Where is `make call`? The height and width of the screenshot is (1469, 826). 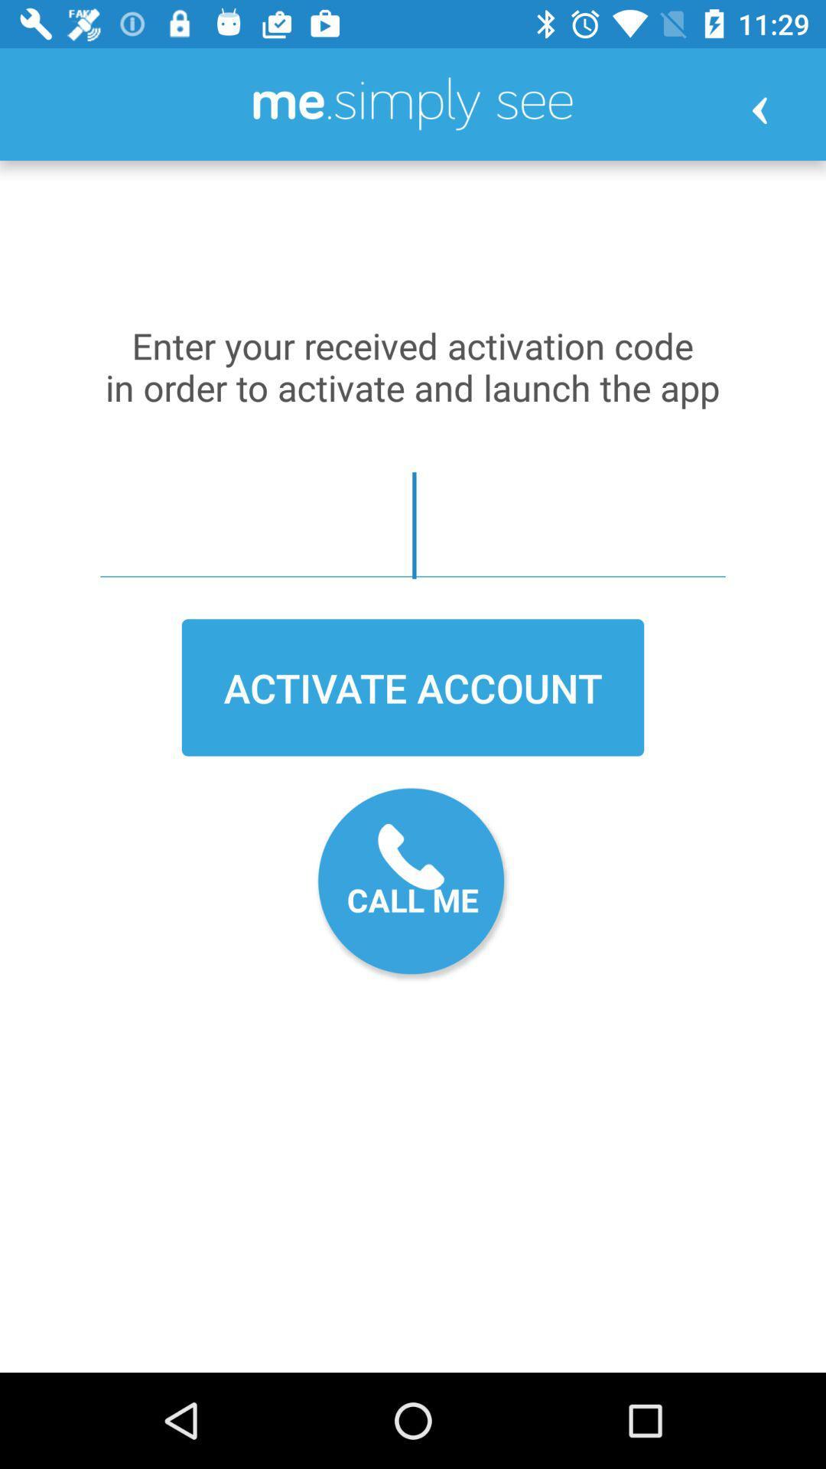 make call is located at coordinates (413, 884).